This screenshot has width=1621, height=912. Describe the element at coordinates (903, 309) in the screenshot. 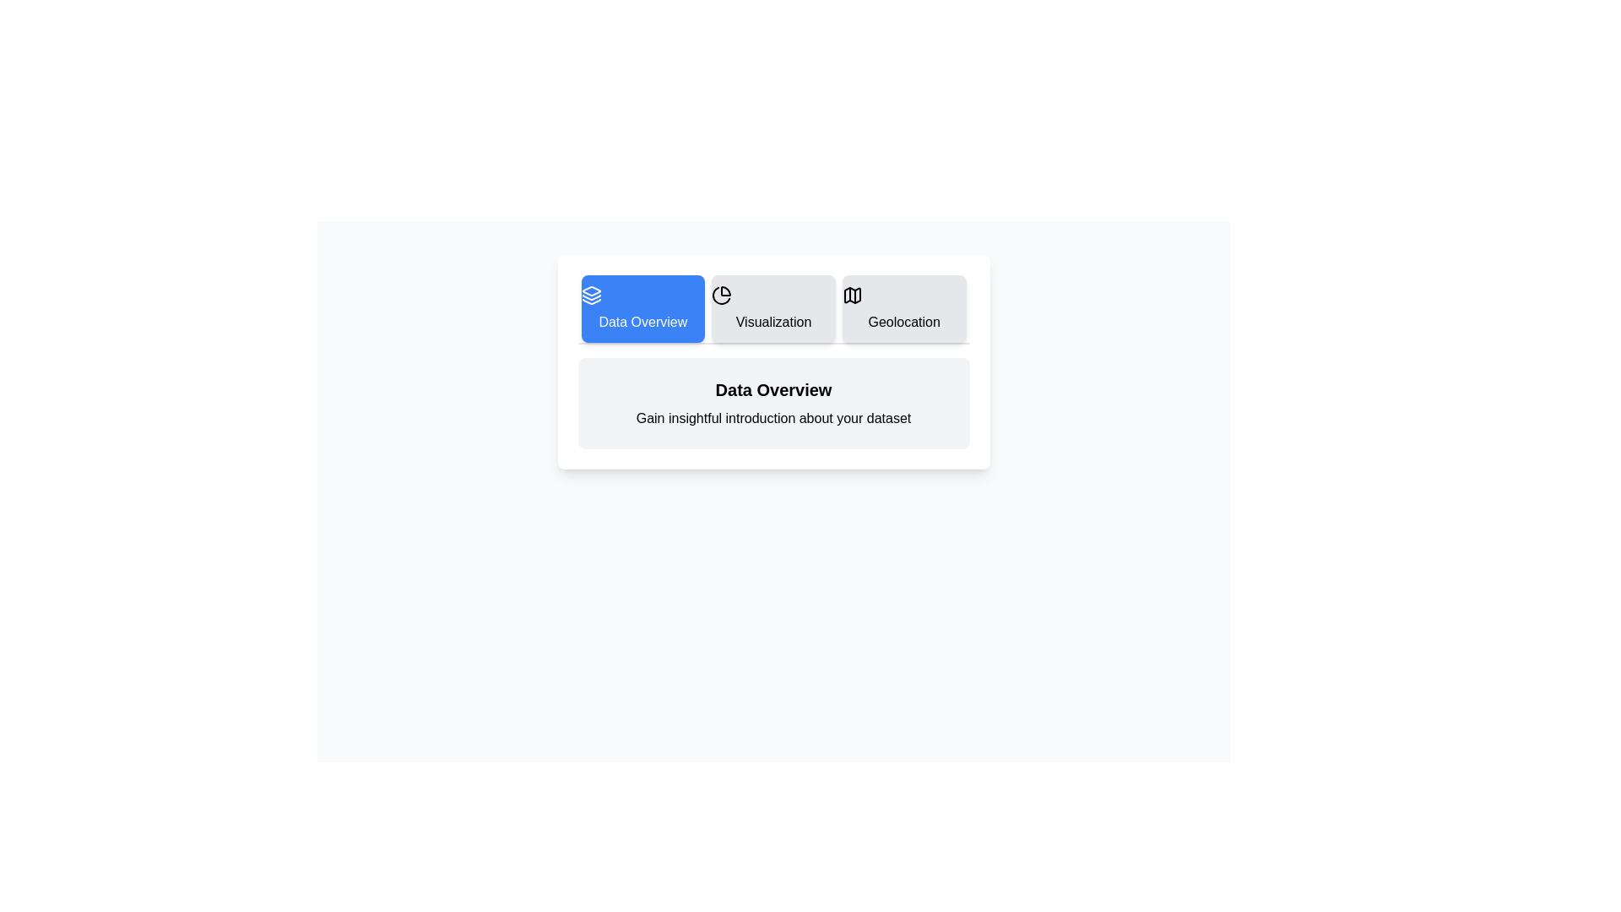

I see `the tab corresponding to Geolocation` at that location.